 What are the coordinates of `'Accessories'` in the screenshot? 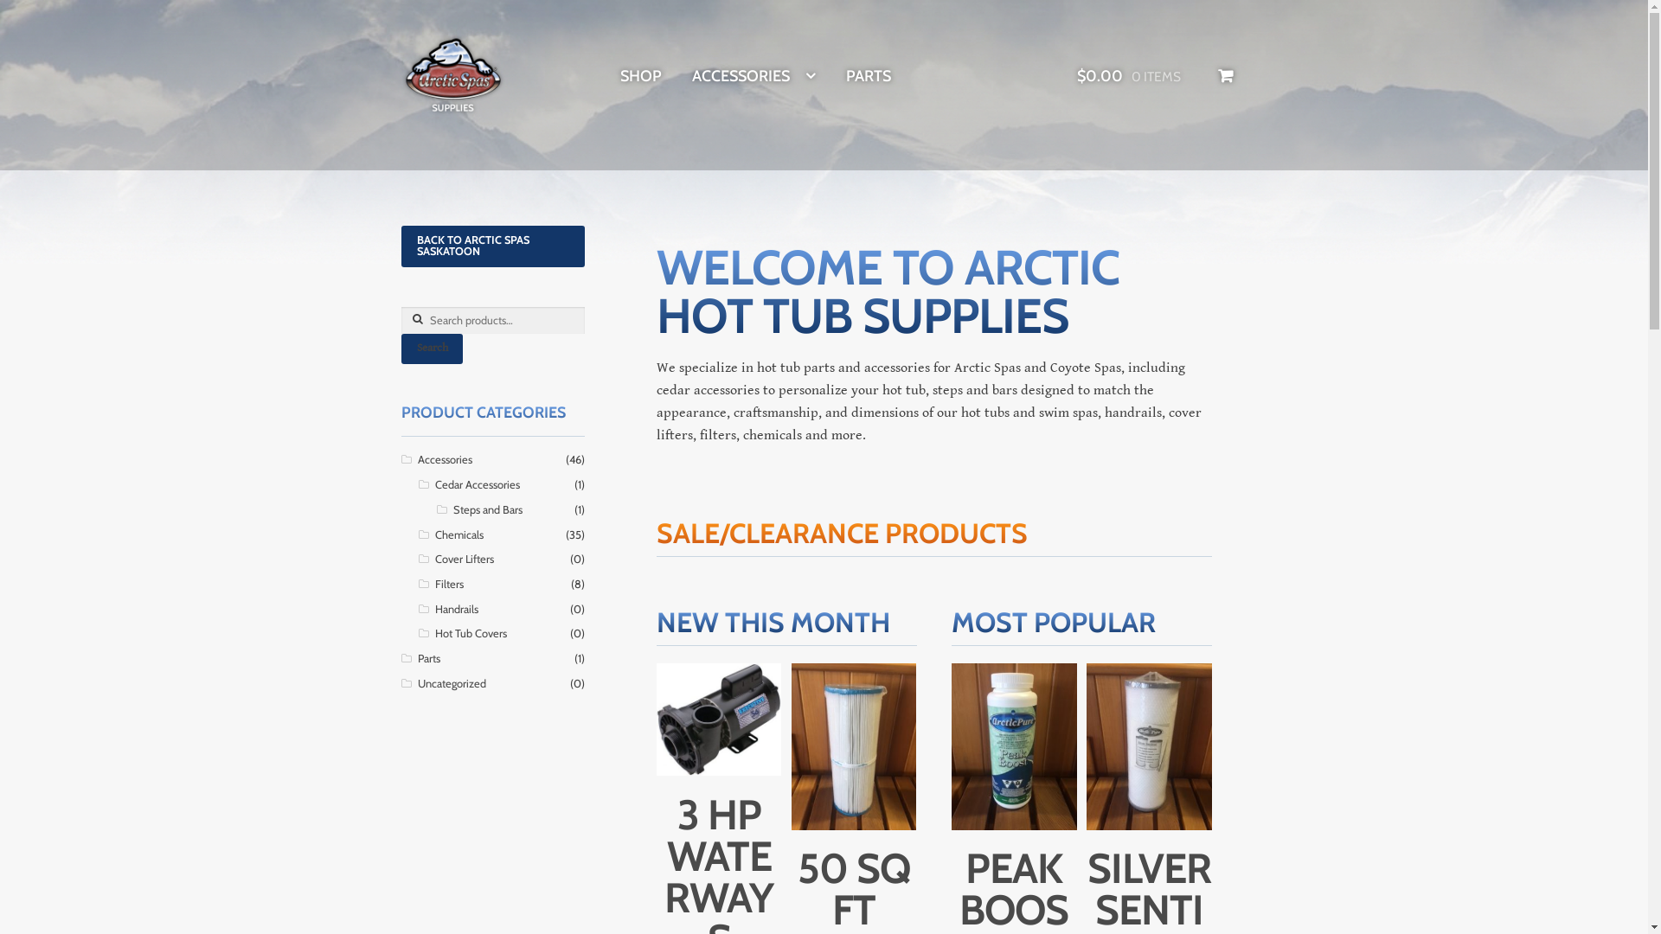 It's located at (416, 458).